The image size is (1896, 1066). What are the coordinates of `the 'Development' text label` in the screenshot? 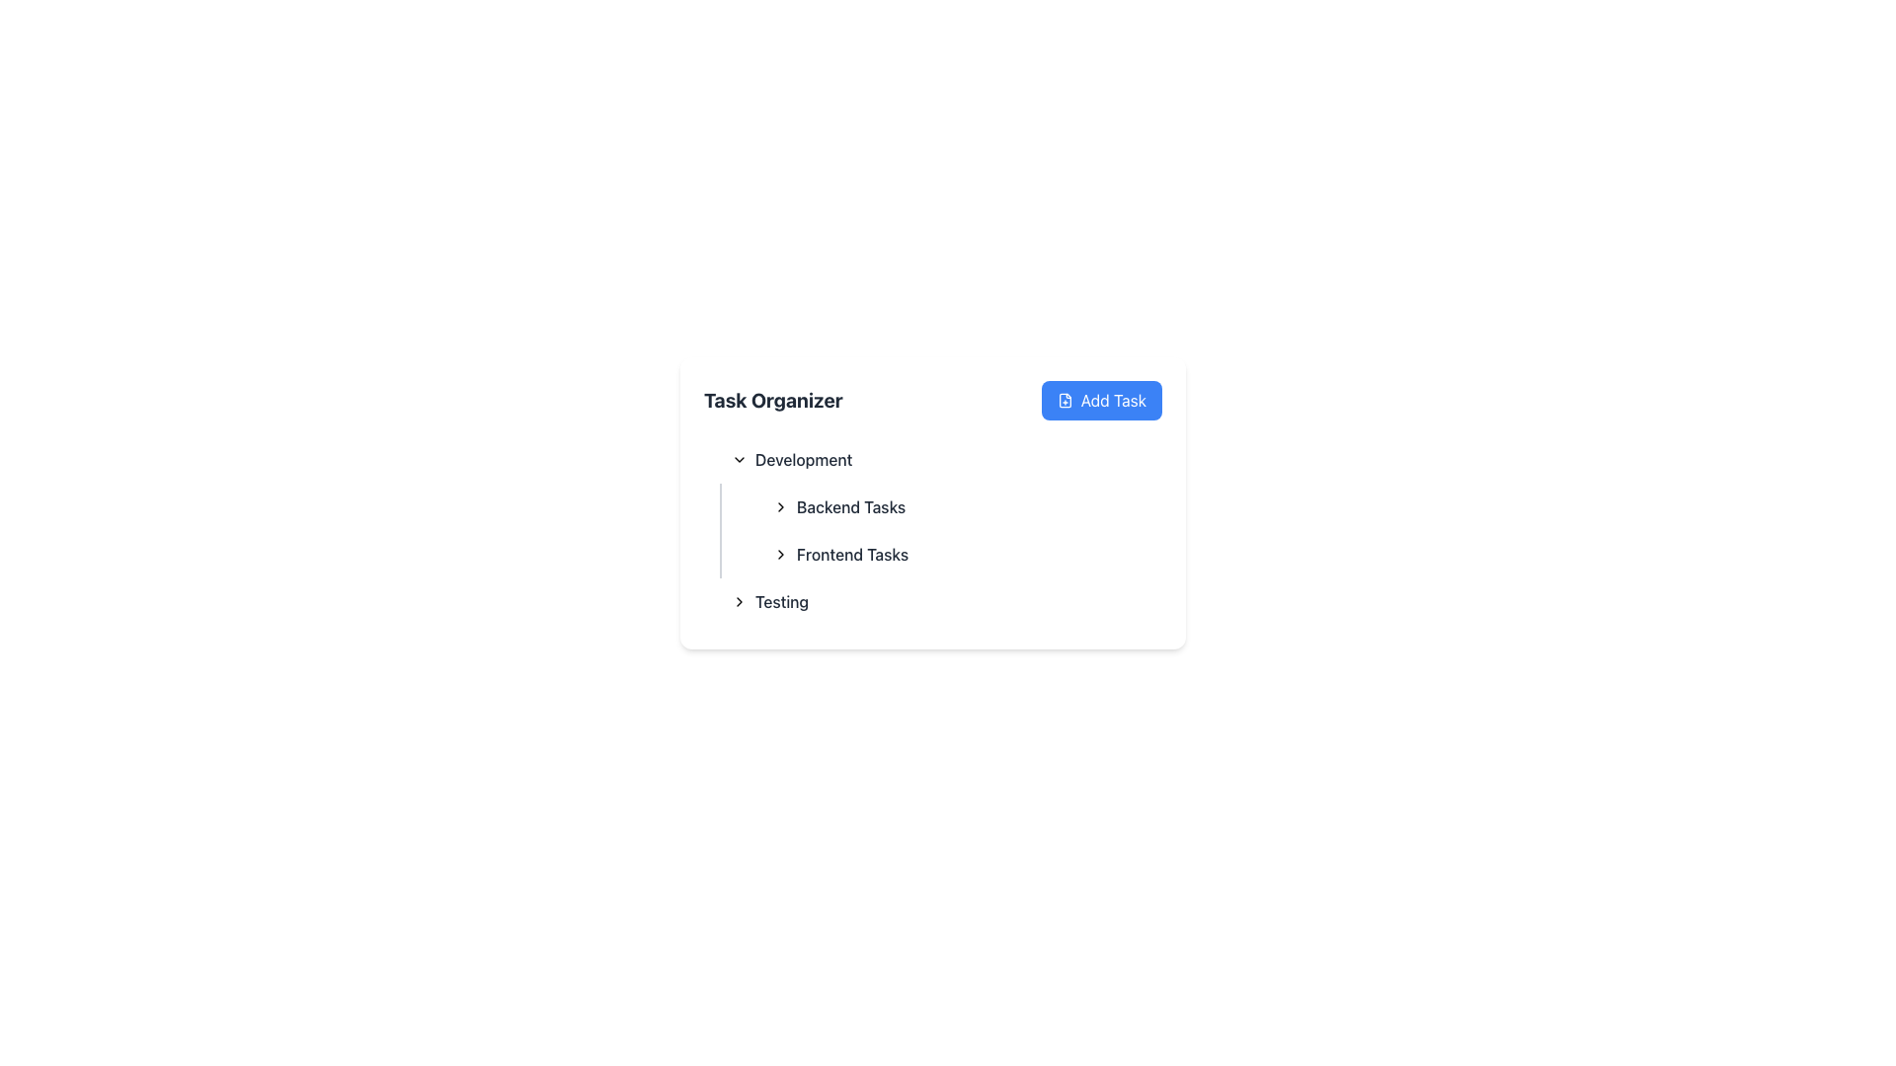 It's located at (792, 460).